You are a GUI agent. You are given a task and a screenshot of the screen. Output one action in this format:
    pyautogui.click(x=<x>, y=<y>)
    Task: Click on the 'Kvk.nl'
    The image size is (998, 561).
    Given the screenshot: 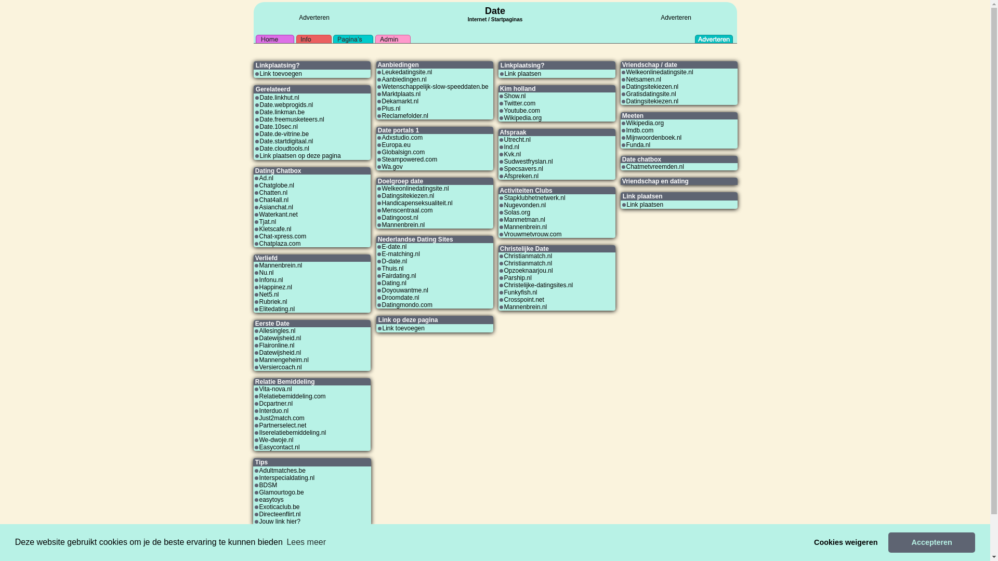 What is the action you would take?
    pyautogui.click(x=504, y=154)
    